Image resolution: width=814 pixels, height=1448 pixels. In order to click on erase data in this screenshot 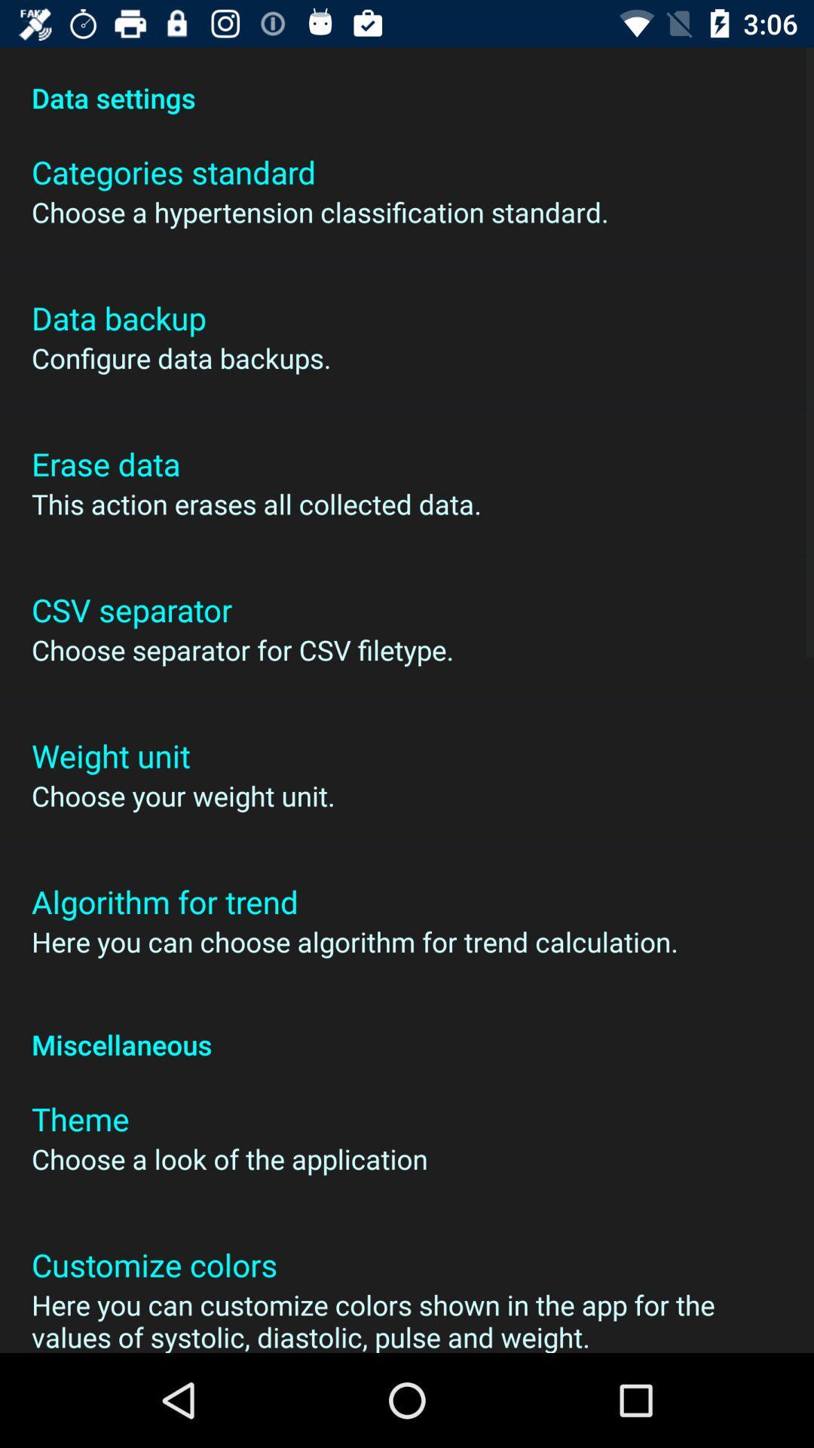, I will do `click(105, 462)`.